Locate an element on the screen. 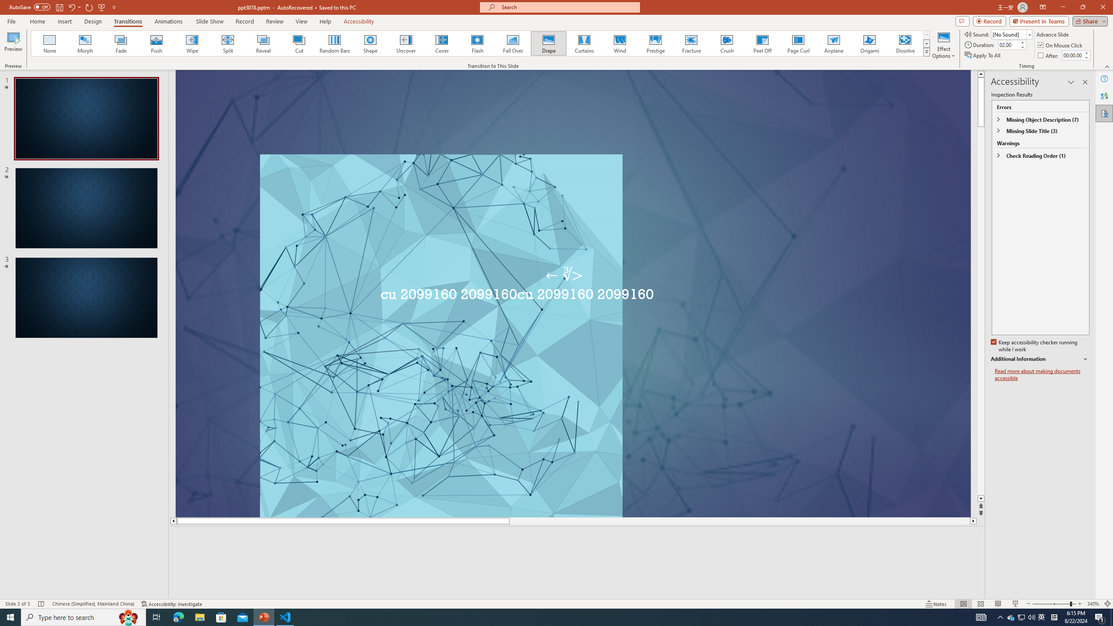  'Drape' is located at coordinates (548, 43).